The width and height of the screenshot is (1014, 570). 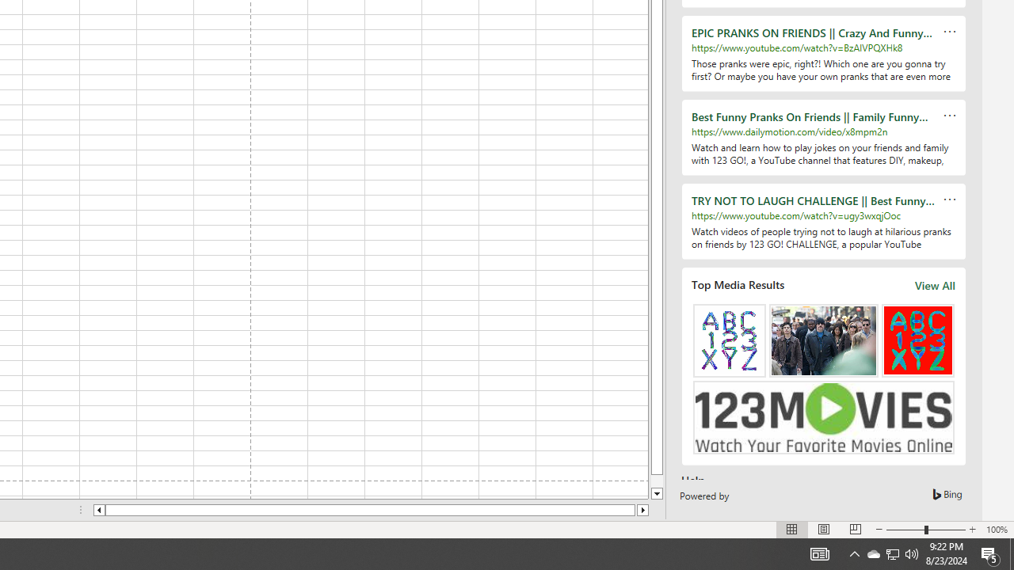 I want to click on 'Page down', so click(x=657, y=481).